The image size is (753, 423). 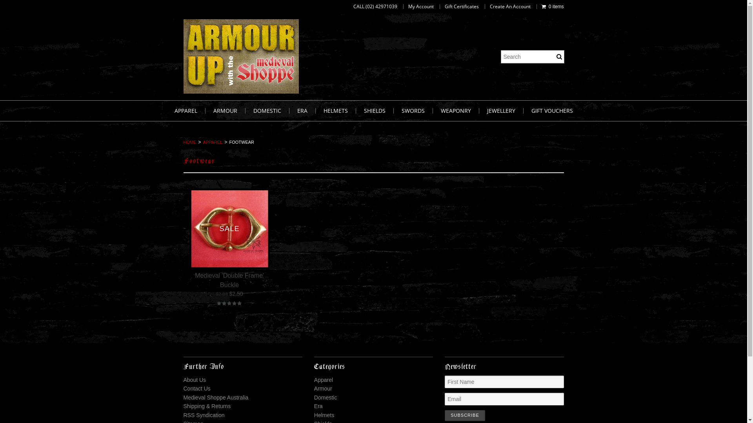 I want to click on 'Subscribe', so click(x=444, y=415).